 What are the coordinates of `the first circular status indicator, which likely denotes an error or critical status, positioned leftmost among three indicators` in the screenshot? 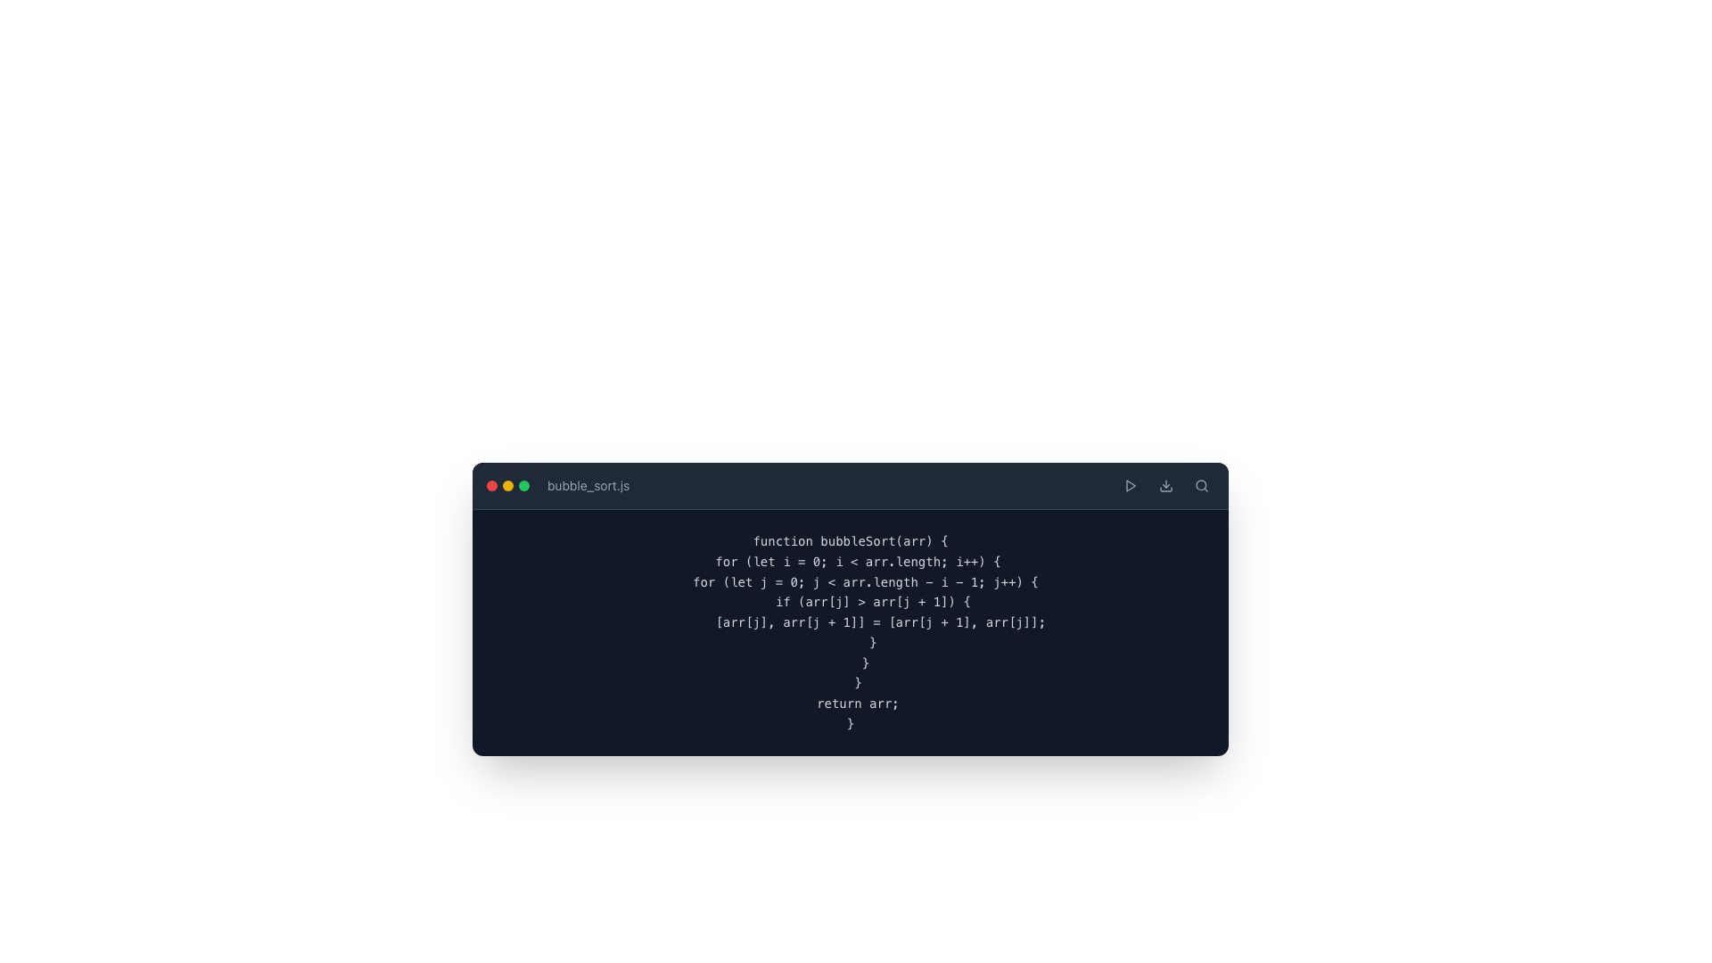 It's located at (492, 485).